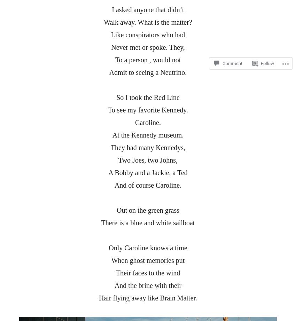 The height and width of the screenshot is (321, 296). I want to click on 'Admit to seeing a Neutrino.', so click(148, 72).